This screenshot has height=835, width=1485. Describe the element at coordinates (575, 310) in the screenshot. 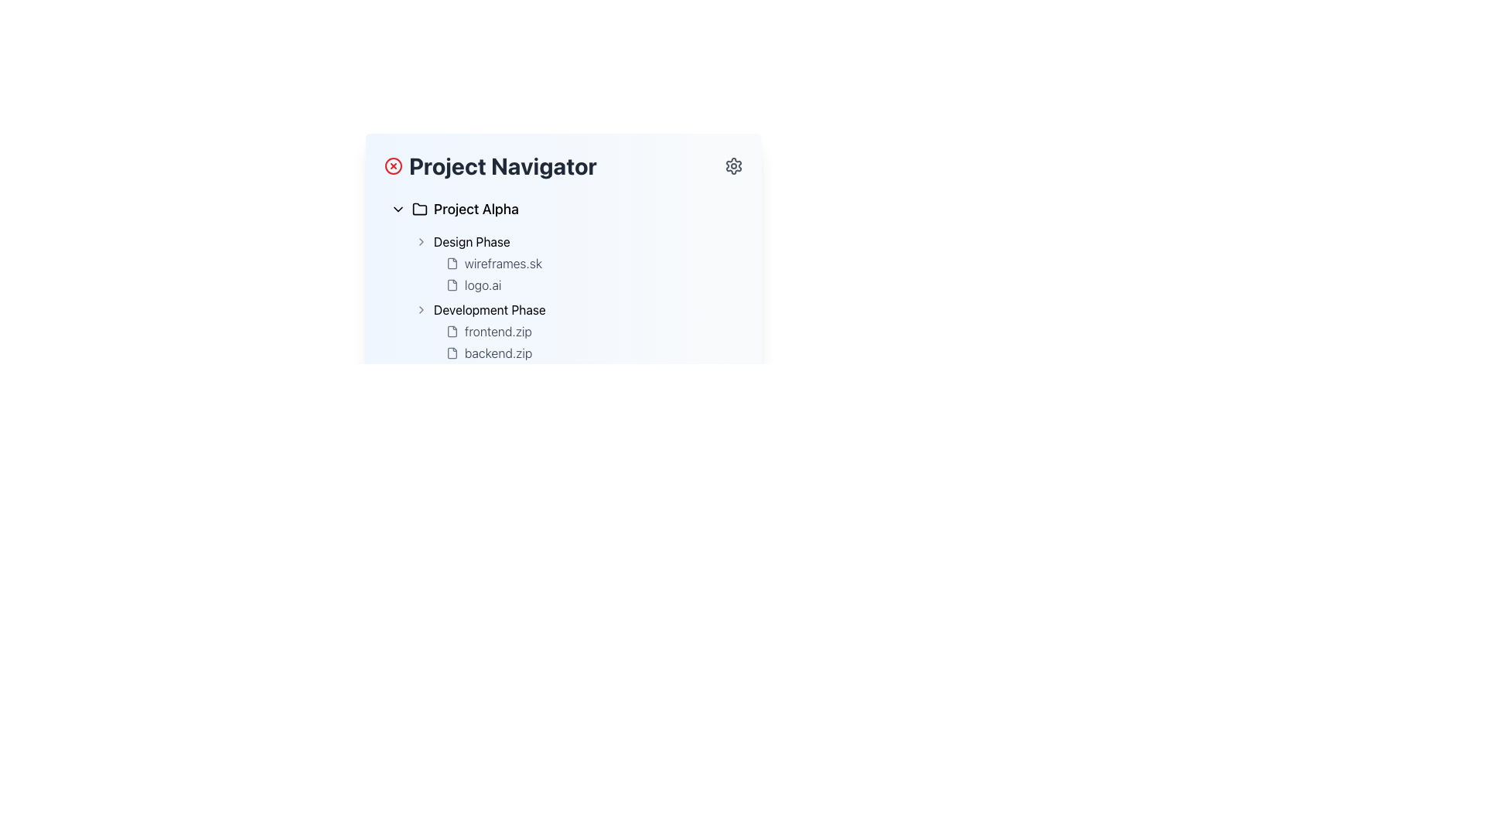

I see `the first Expandable Button under 'Project Alpha' that is positioned below 'Design Phase'` at that location.